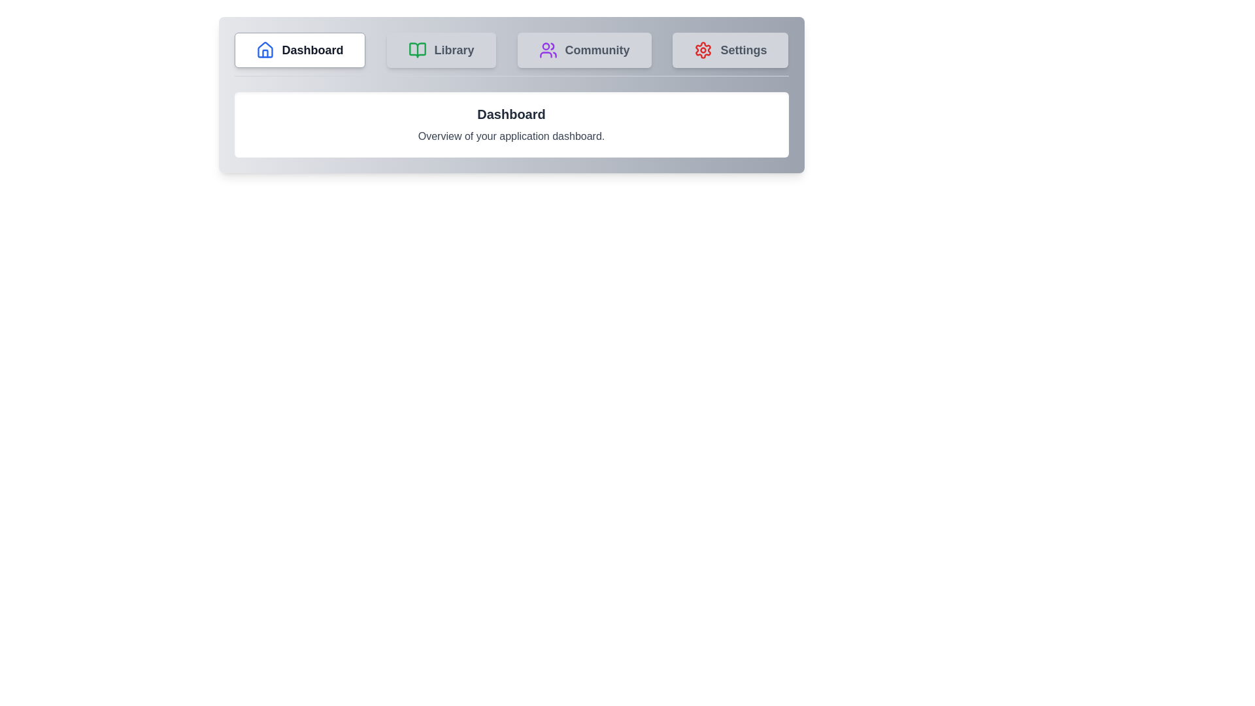  What do you see at coordinates (730, 50) in the screenshot?
I see `the tab labeled Settings` at bounding box center [730, 50].